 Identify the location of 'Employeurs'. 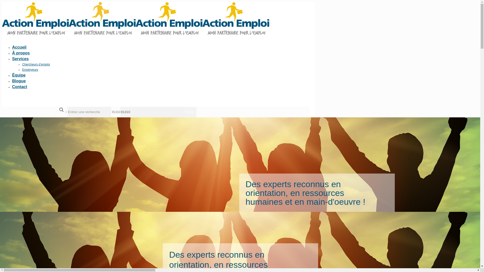
(22, 70).